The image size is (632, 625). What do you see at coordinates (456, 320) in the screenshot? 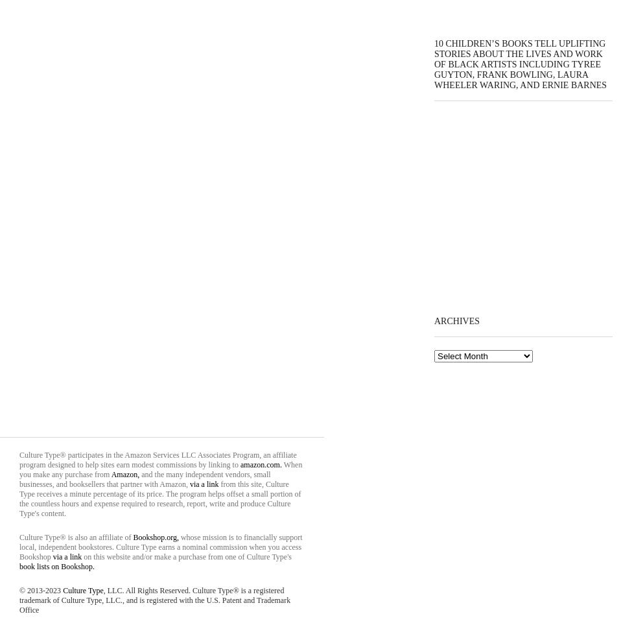
I see `'Archives'` at bounding box center [456, 320].